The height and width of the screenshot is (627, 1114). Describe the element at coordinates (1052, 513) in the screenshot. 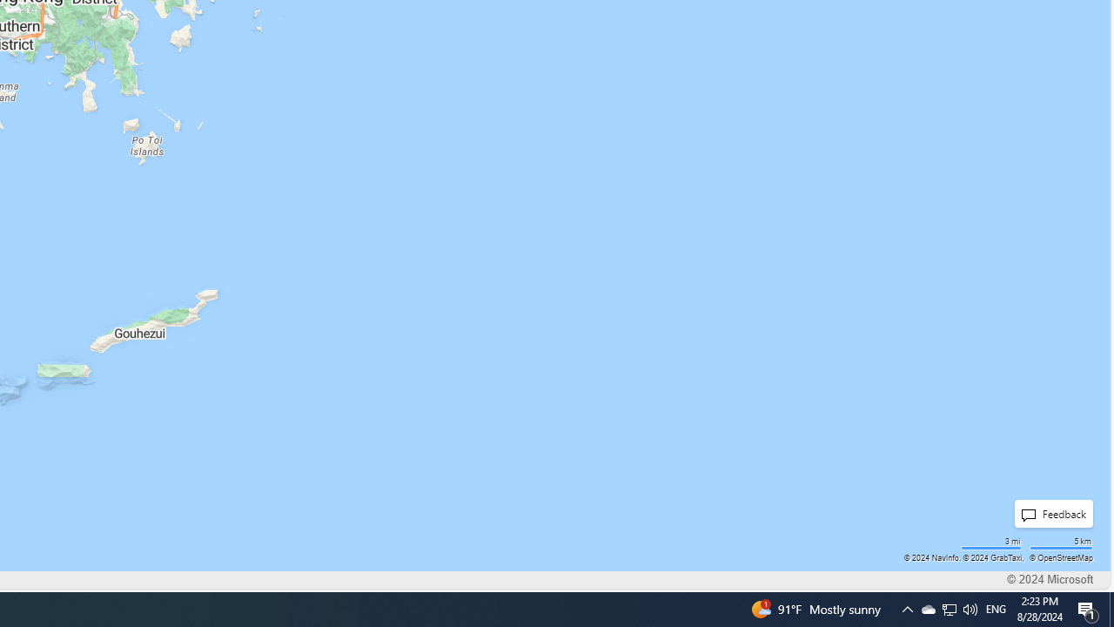

I see `'Feedback'` at that location.